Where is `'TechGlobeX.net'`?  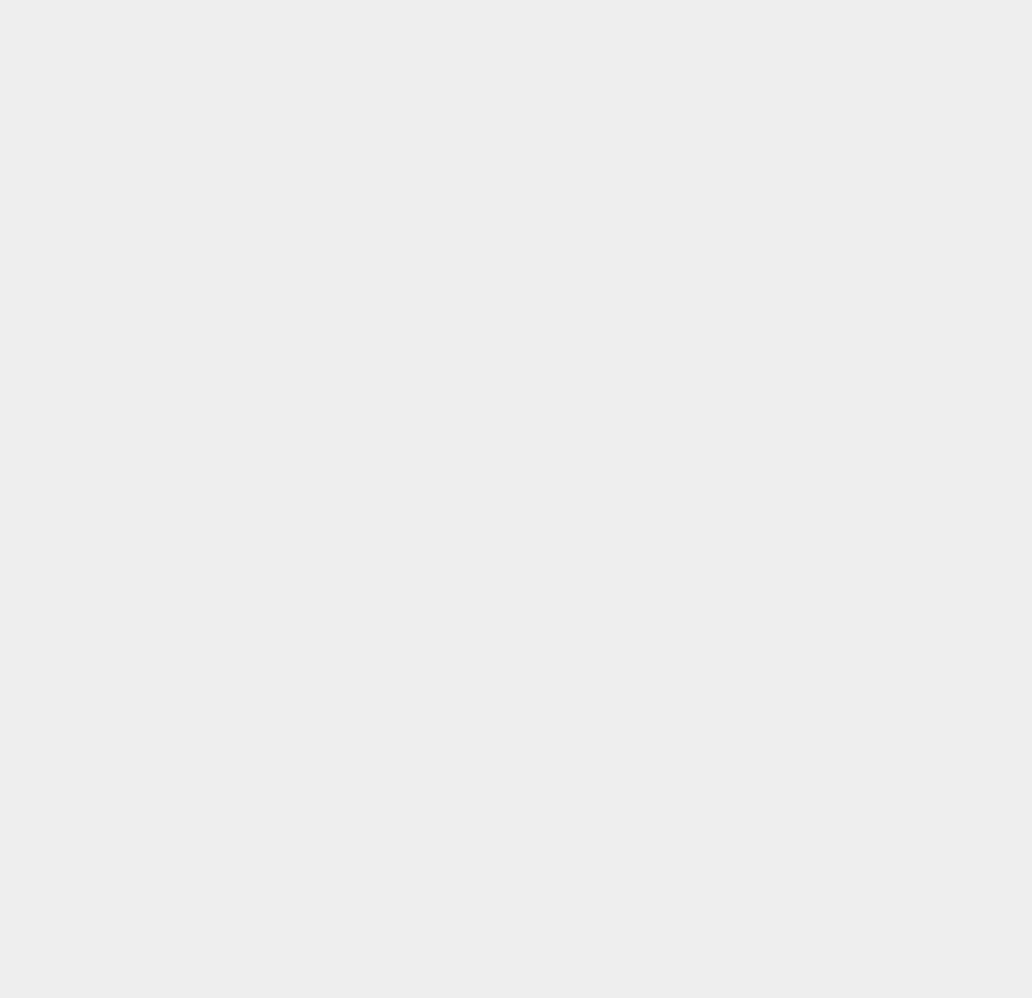 'TechGlobeX.net' is located at coordinates (730, 788).